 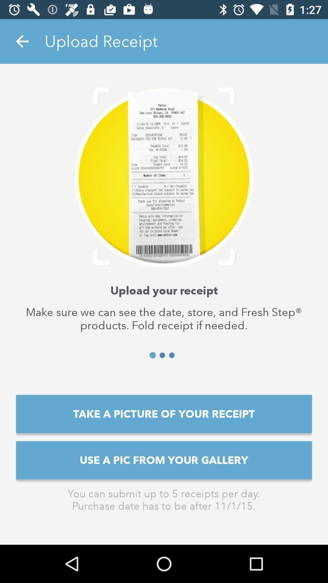 What do you see at coordinates (22, 41) in the screenshot?
I see `the icon next to upload receipt` at bounding box center [22, 41].